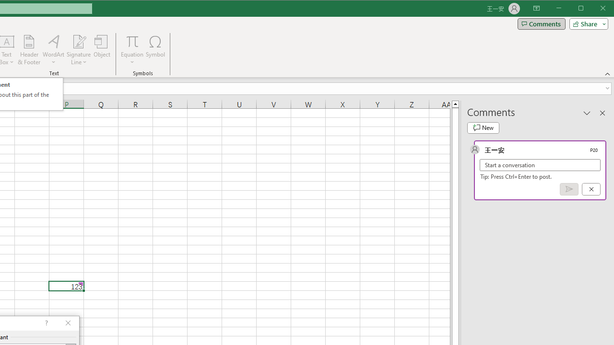 The width and height of the screenshot is (614, 345). I want to click on 'Signature Line', so click(79, 41).